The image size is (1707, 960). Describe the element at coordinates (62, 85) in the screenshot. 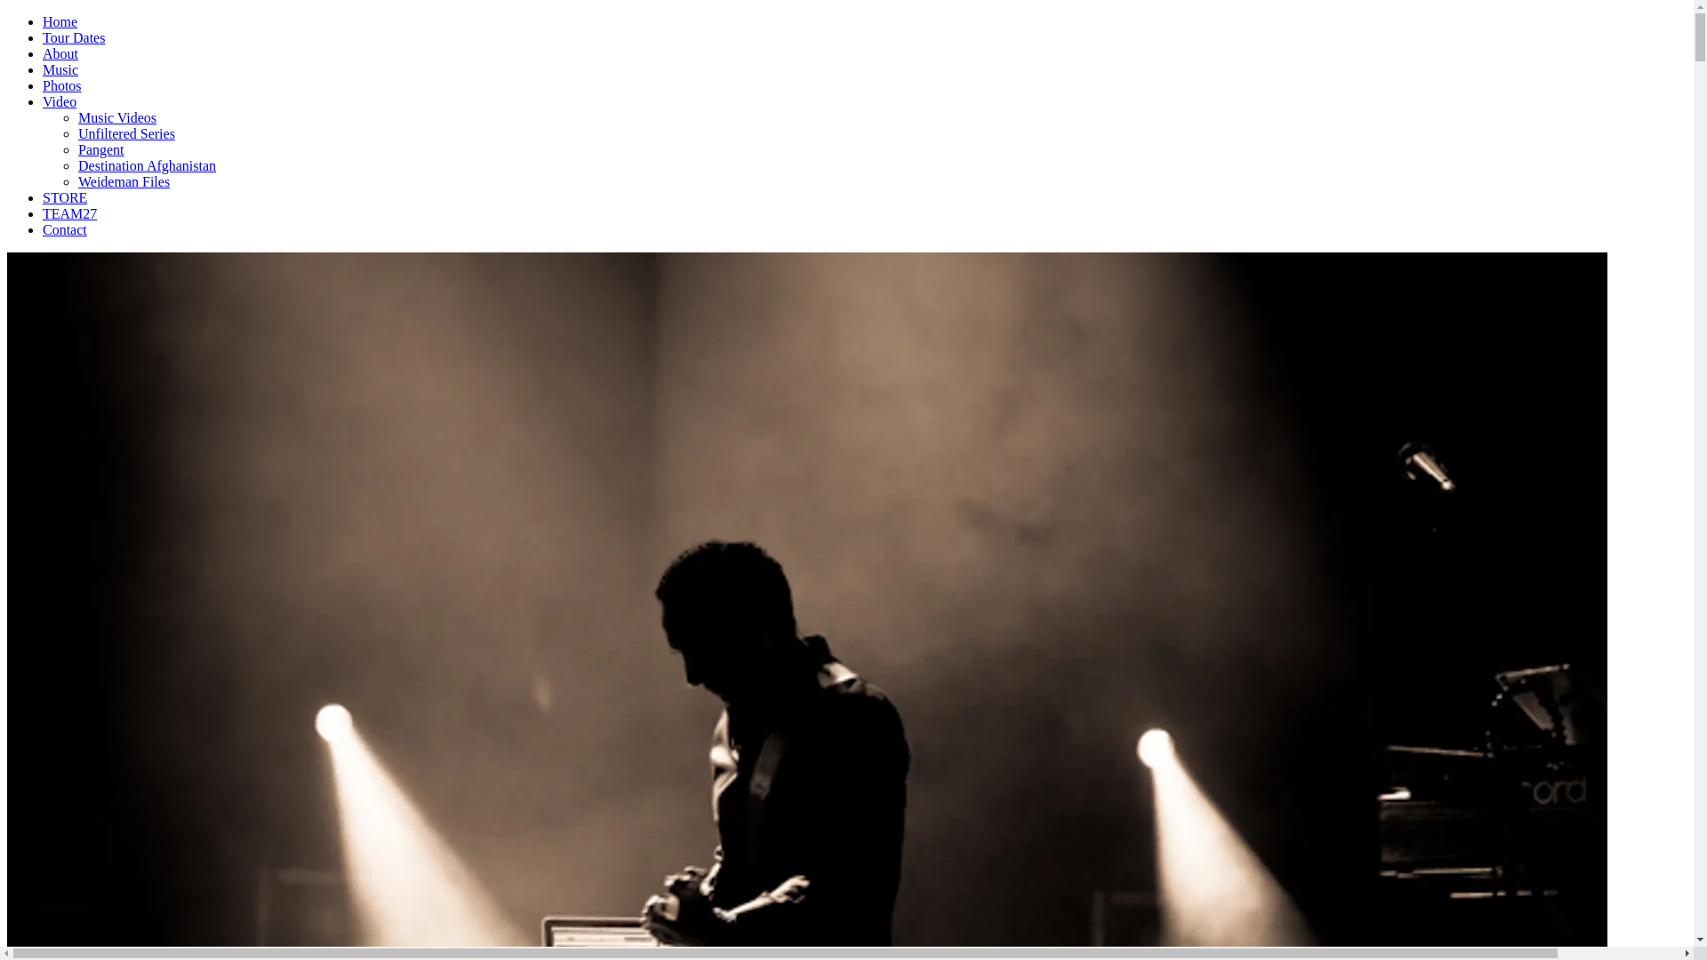

I see `'Photos'` at that location.